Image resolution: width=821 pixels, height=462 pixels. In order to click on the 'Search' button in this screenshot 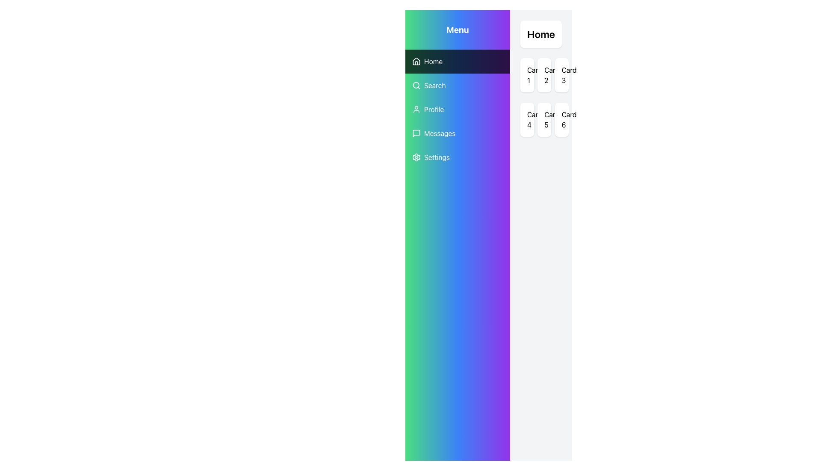, I will do `click(457, 86)`.